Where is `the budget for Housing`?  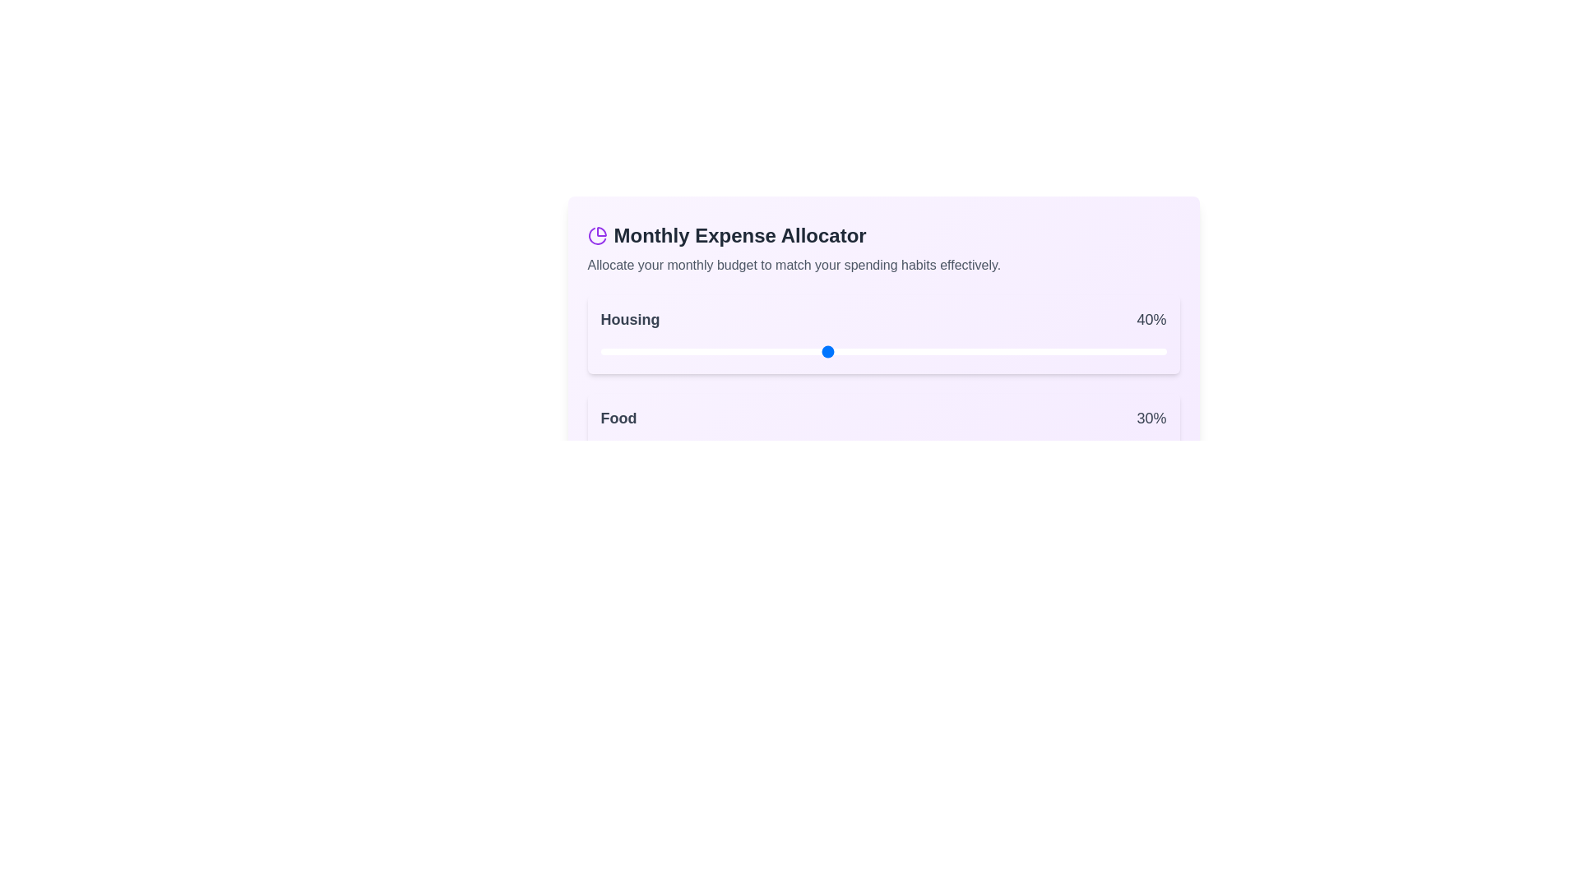
the budget for Housing is located at coordinates (928, 351).